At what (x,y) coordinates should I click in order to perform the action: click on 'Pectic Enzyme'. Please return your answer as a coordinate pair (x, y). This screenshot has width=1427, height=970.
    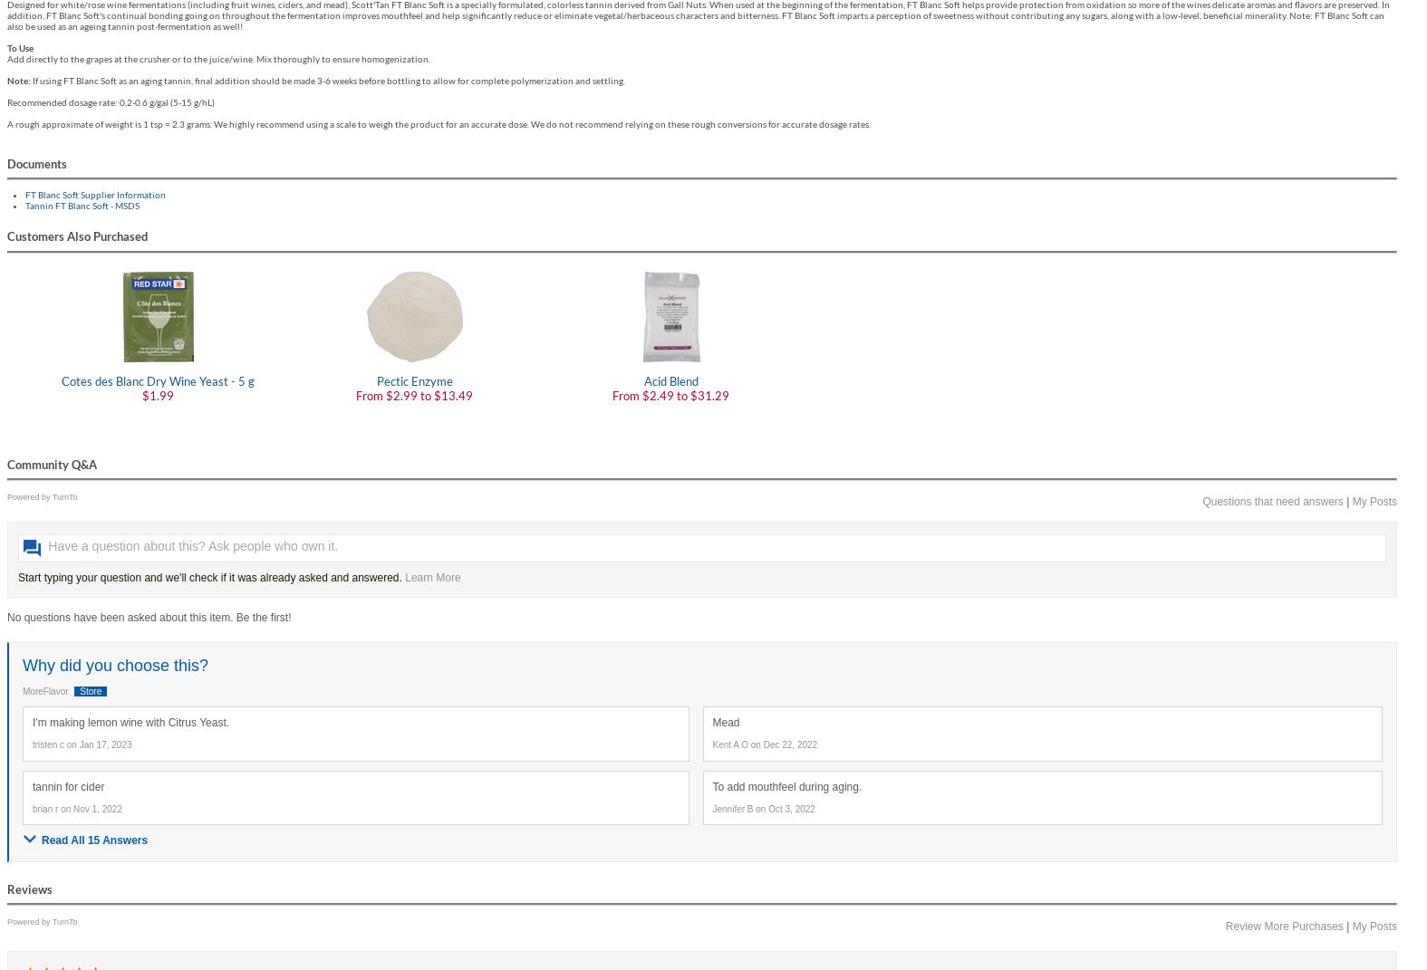
    Looking at the image, I should click on (413, 380).